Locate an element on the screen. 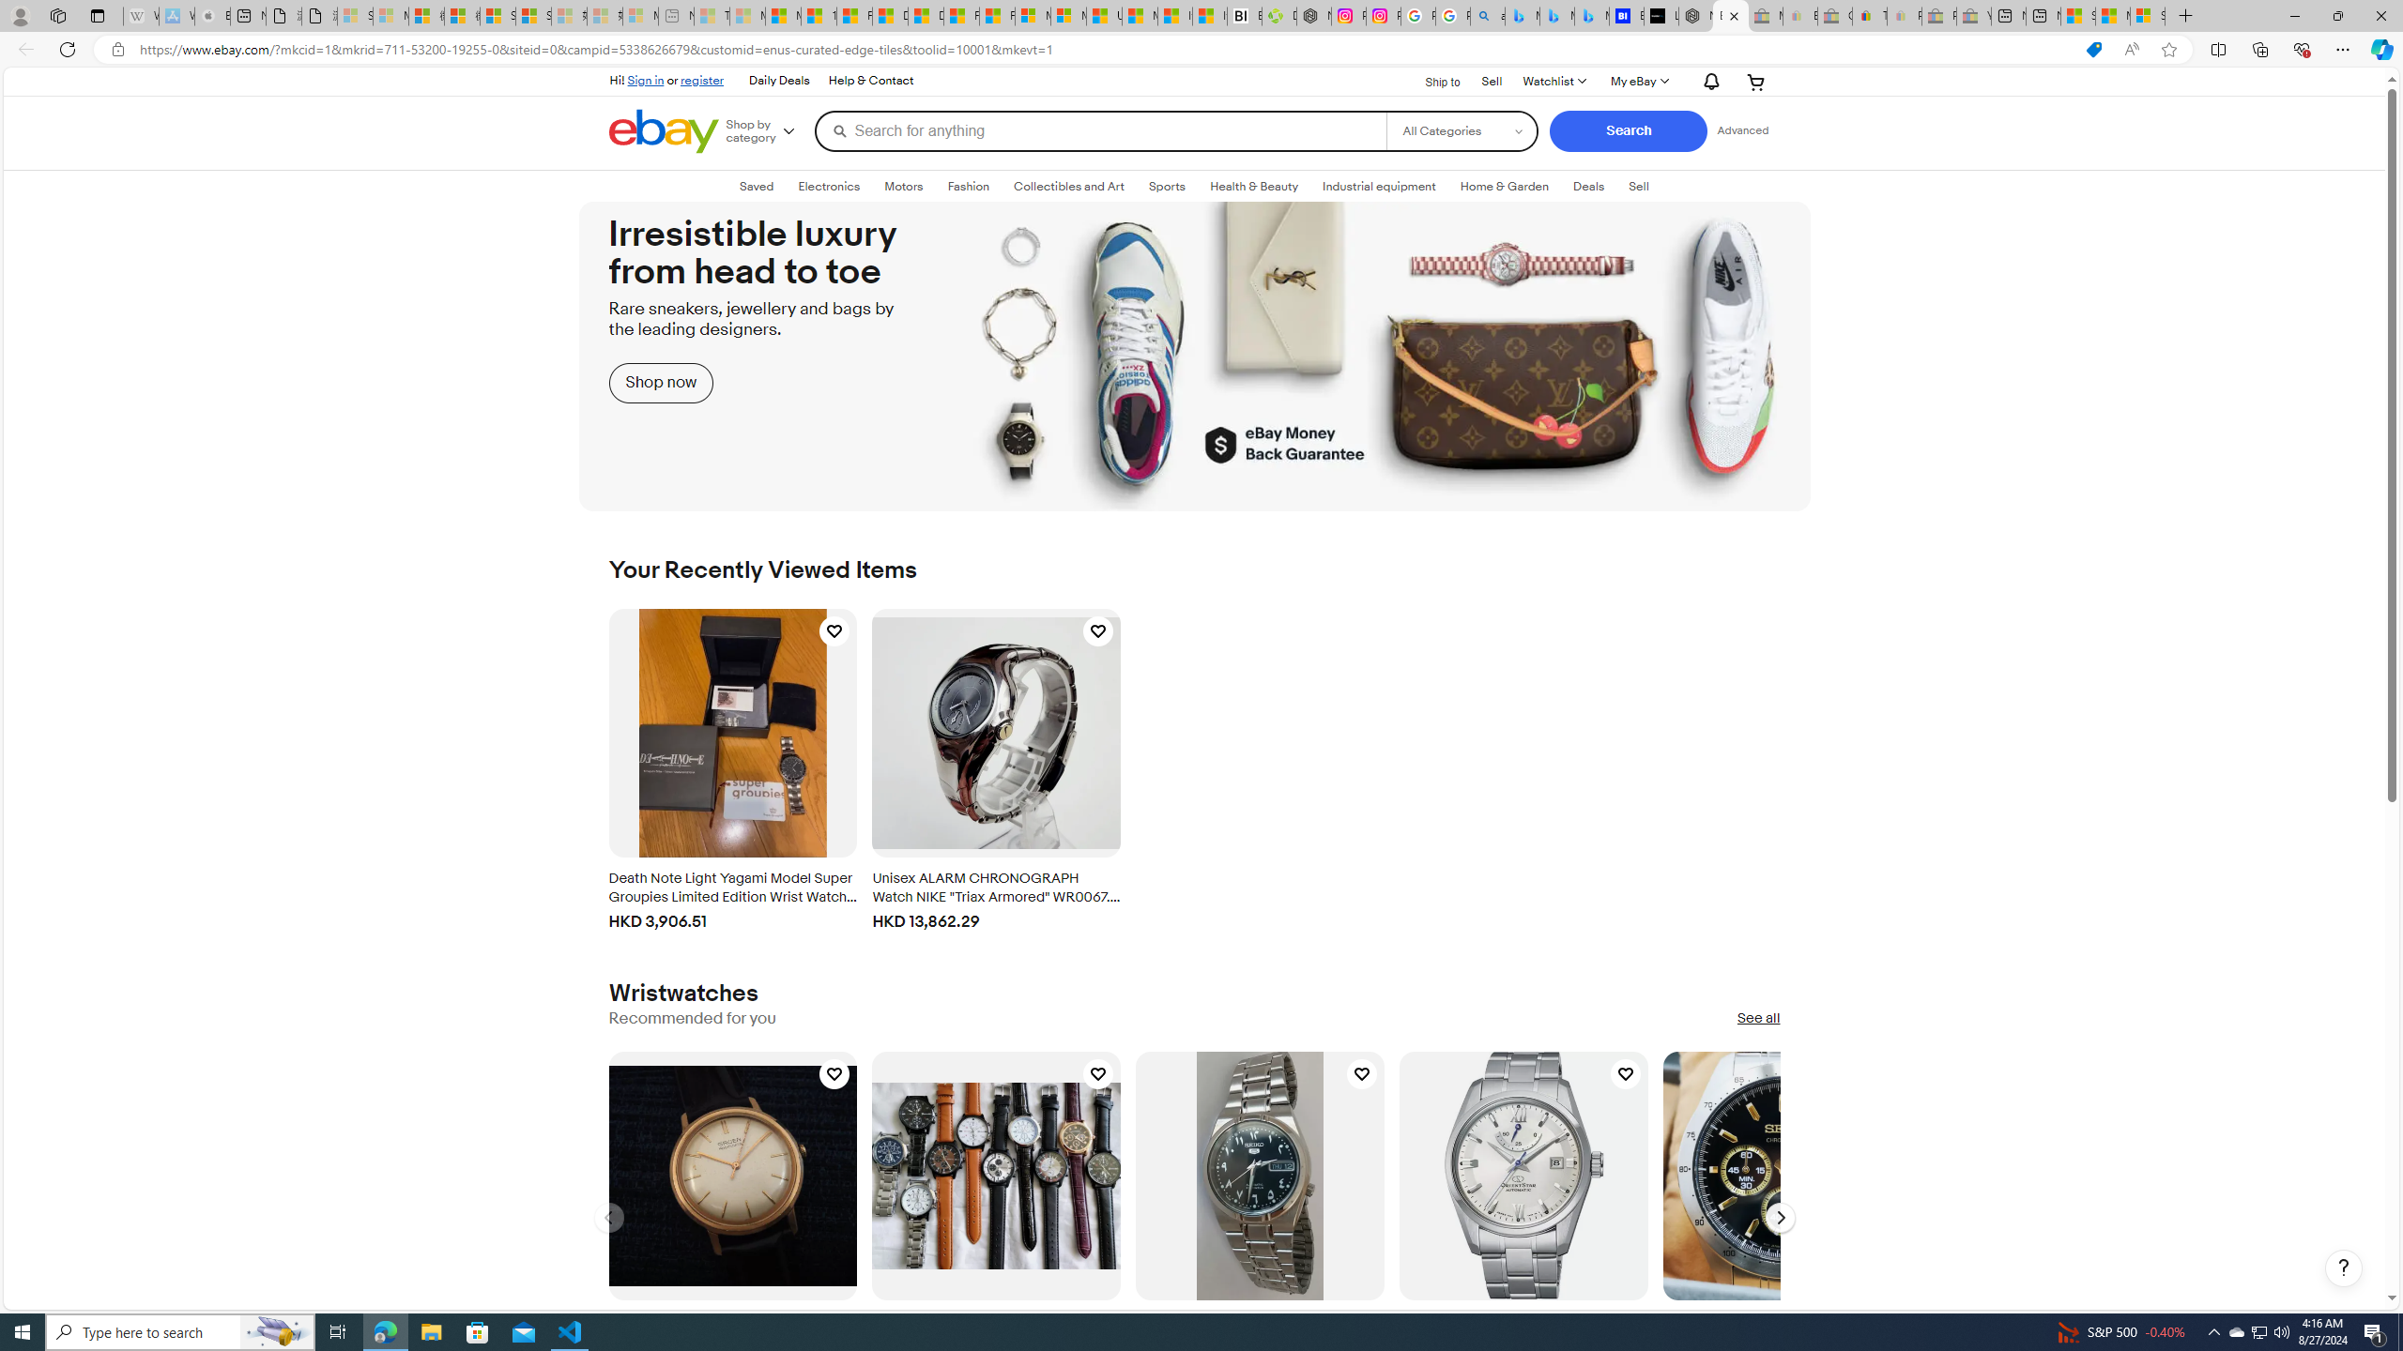 This screenshot has width=2403, height=1351. 'See all' is located at coordinates (1757, 1018).